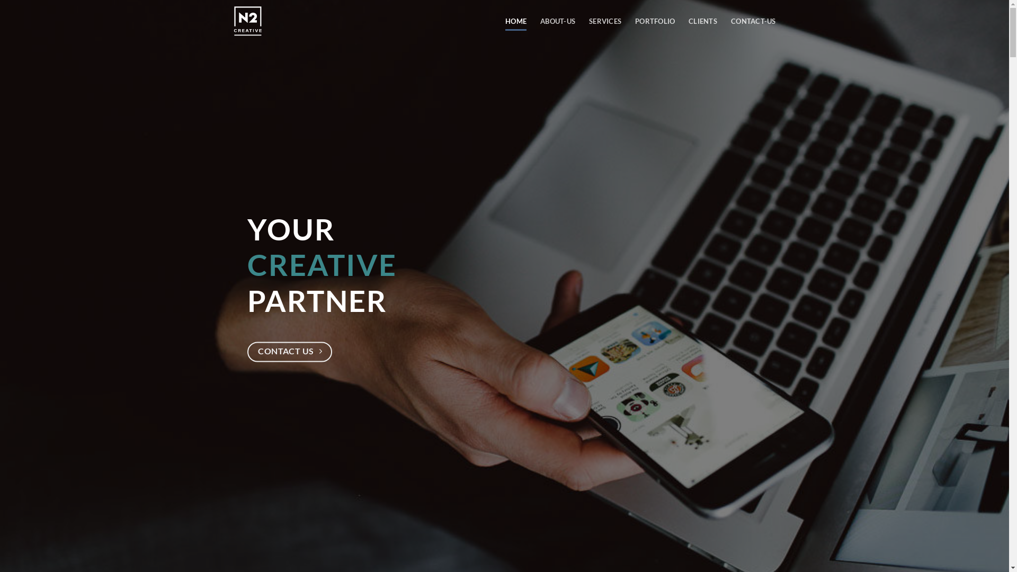  I want to click on 'PORTFOLIO', so click(654, 21).